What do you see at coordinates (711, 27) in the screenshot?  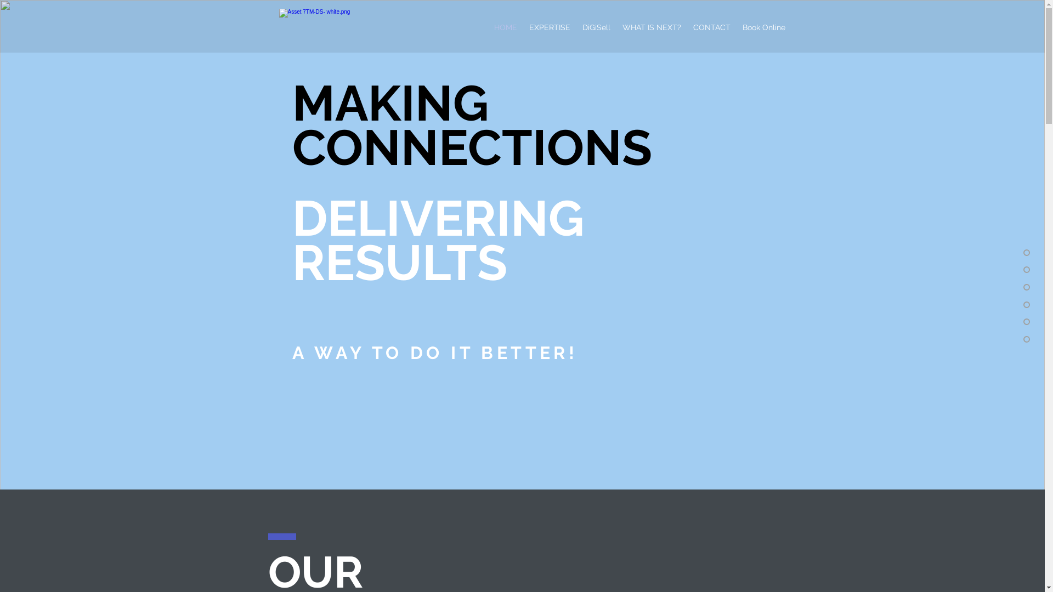 I see `'CONTACT'` at bounding box center [711, 27].